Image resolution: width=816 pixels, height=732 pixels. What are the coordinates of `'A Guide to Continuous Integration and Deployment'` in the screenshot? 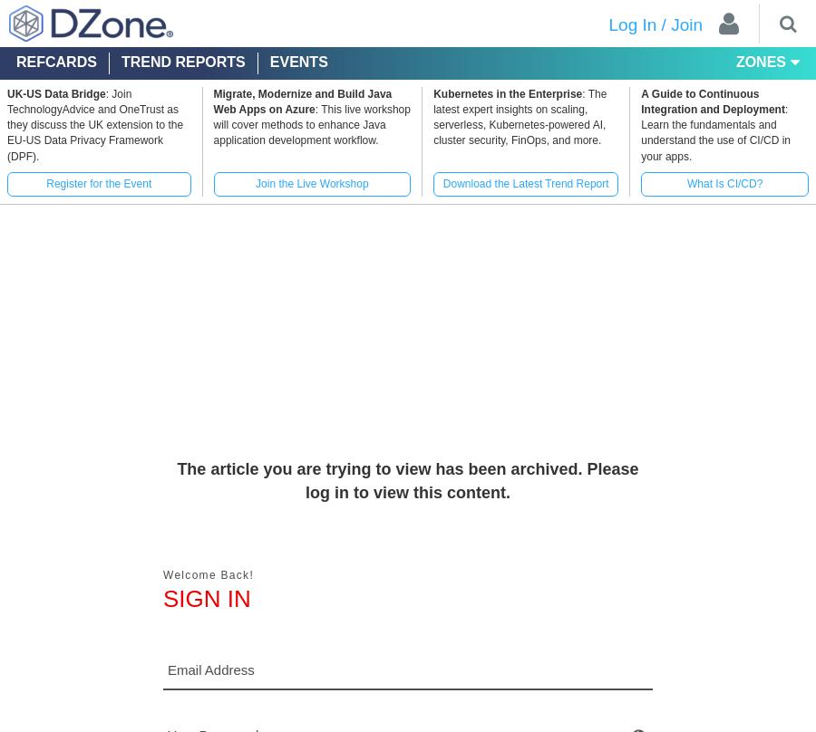 It's located at (640, 101).